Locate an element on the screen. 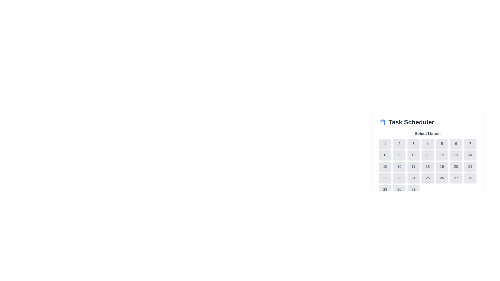  the button labeled '1' in the top-left corner of the grid is located at coordinates (385, 143).